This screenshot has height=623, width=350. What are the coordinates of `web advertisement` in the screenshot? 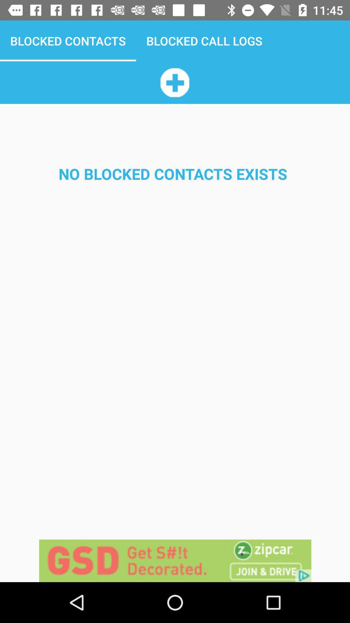 It's located at (175, 560).